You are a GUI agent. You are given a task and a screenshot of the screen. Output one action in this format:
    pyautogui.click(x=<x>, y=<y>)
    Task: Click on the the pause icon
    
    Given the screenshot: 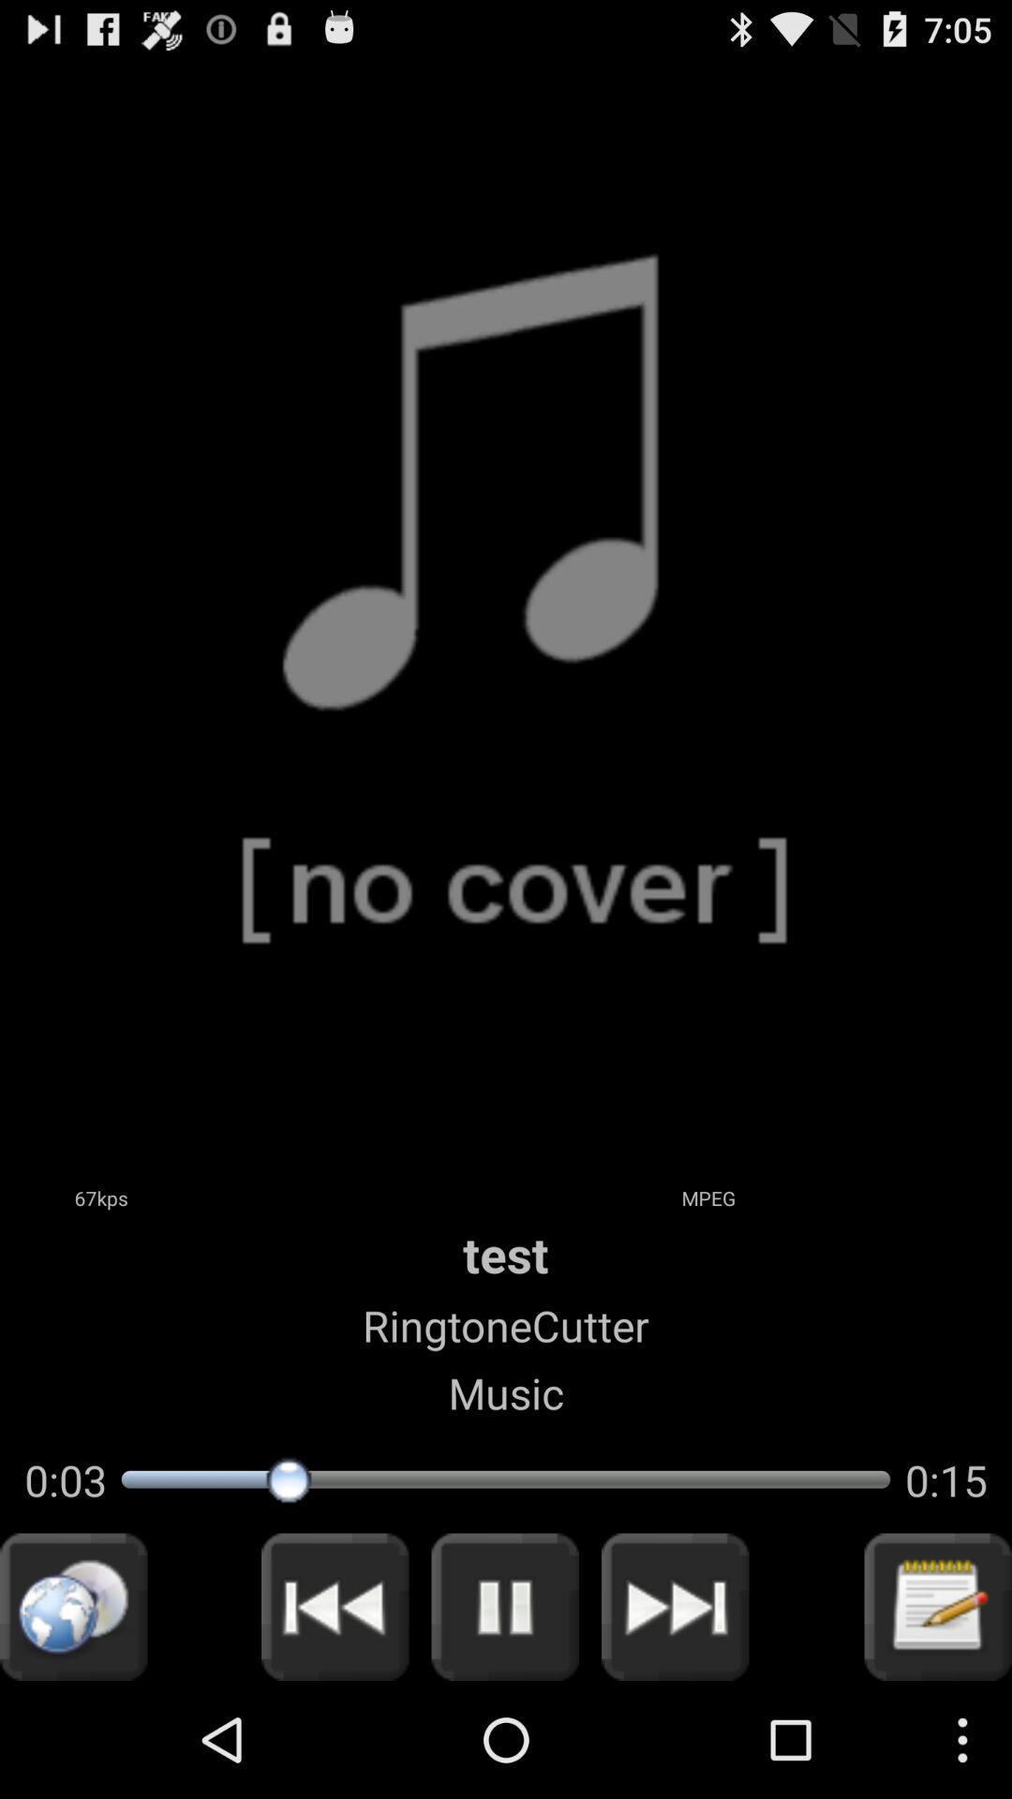 What is the action you would take?
    pyautogui.click(x=504, y=1719)
    